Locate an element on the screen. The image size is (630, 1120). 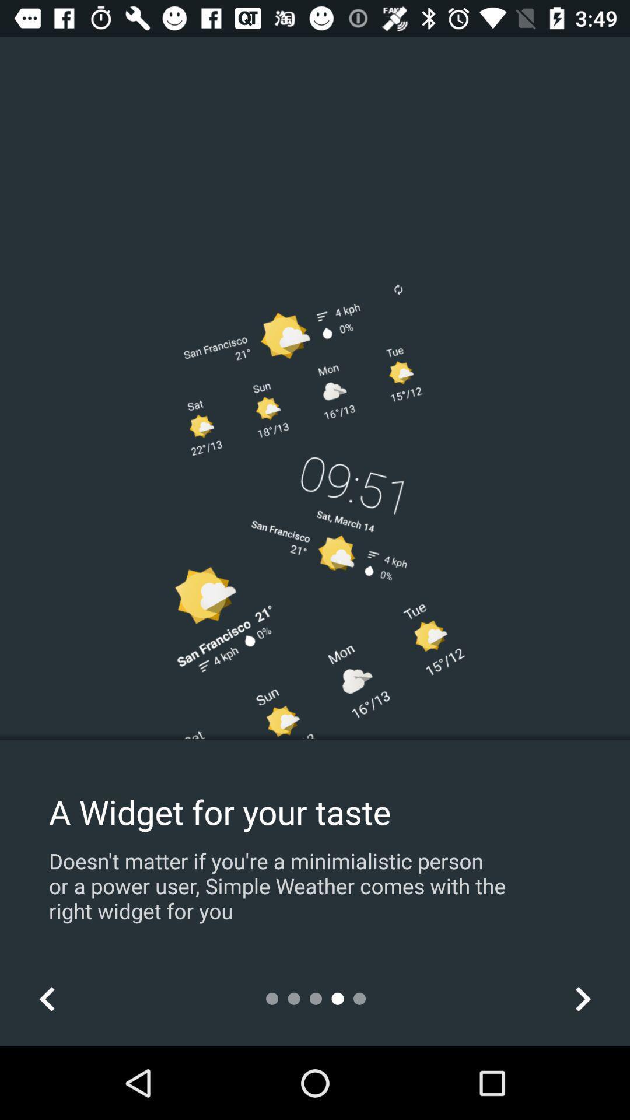
icon below doesn t matter item is located at coordinates (47, 998).